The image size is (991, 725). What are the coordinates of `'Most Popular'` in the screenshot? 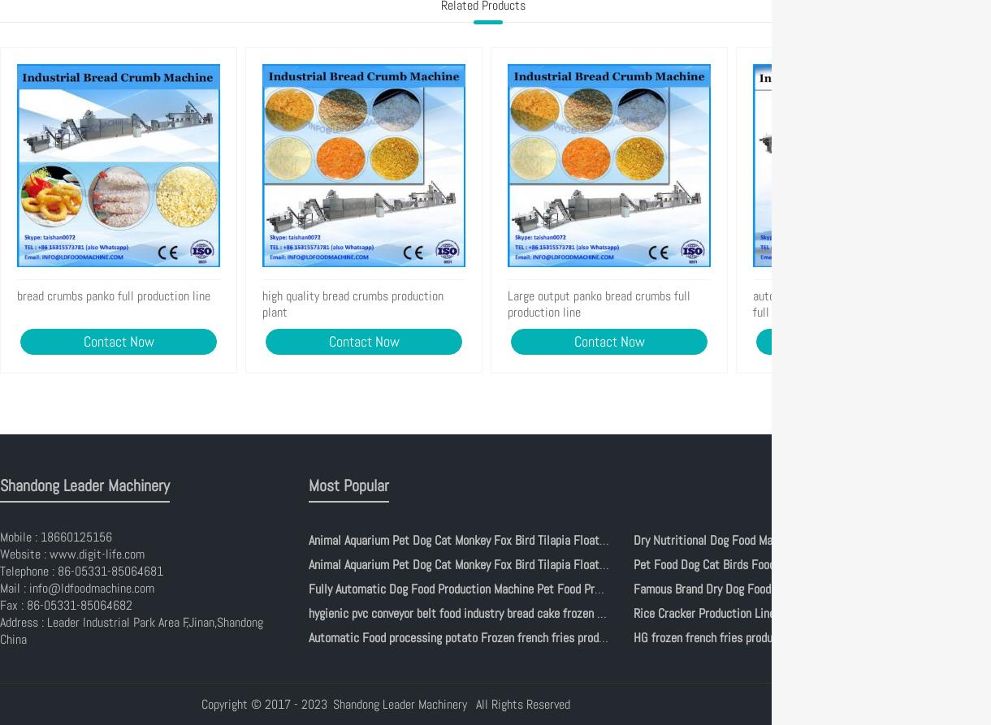 It's located at (308, 485).